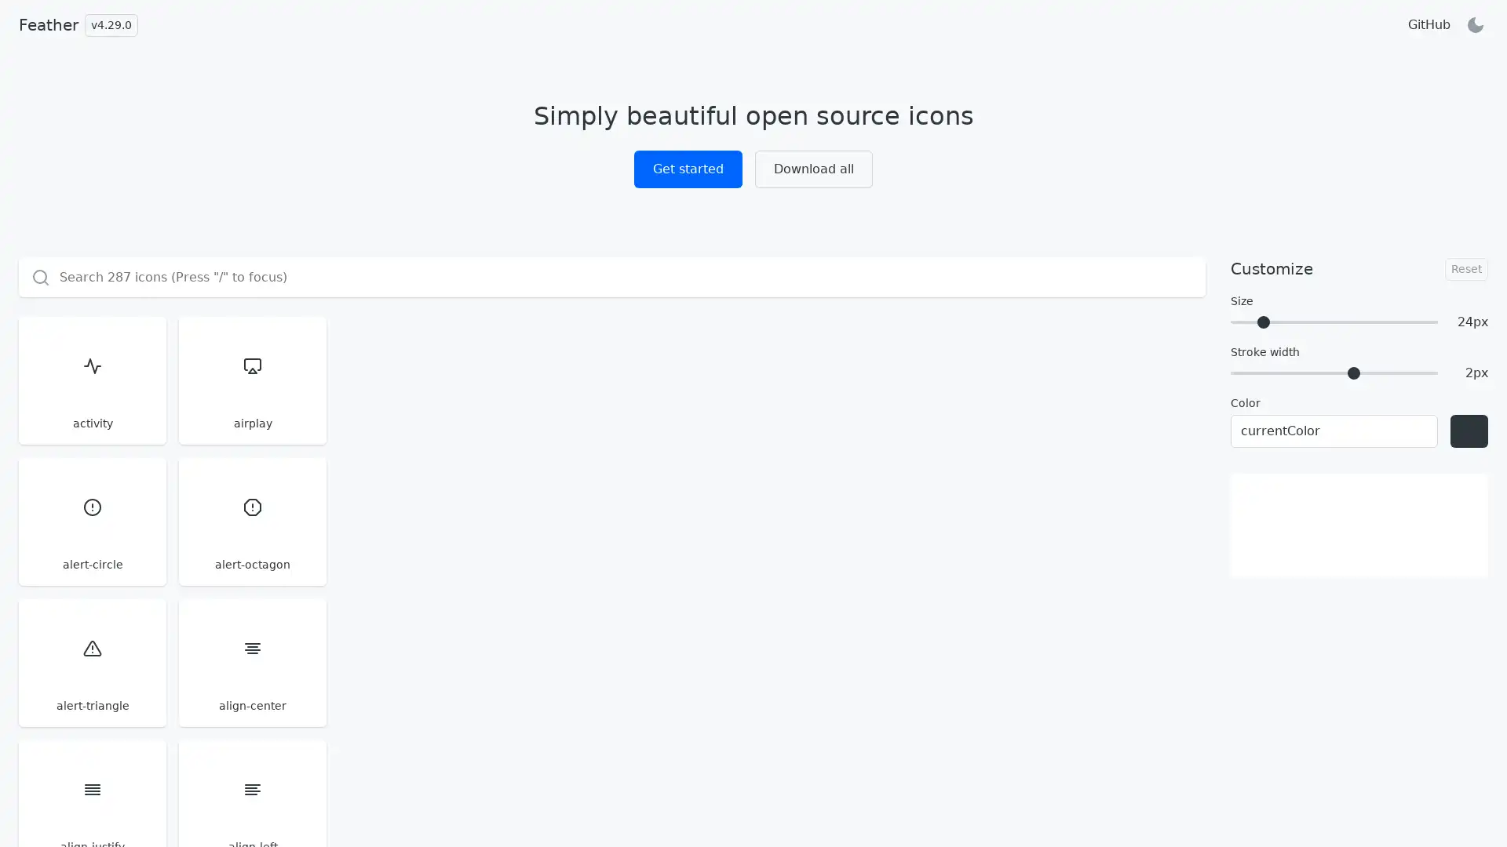 The width and height of the screenshot is (1507, 847). Describe the element at coordinates (611, 521) in the screenshot. I see `arrow-down-left` at that location.